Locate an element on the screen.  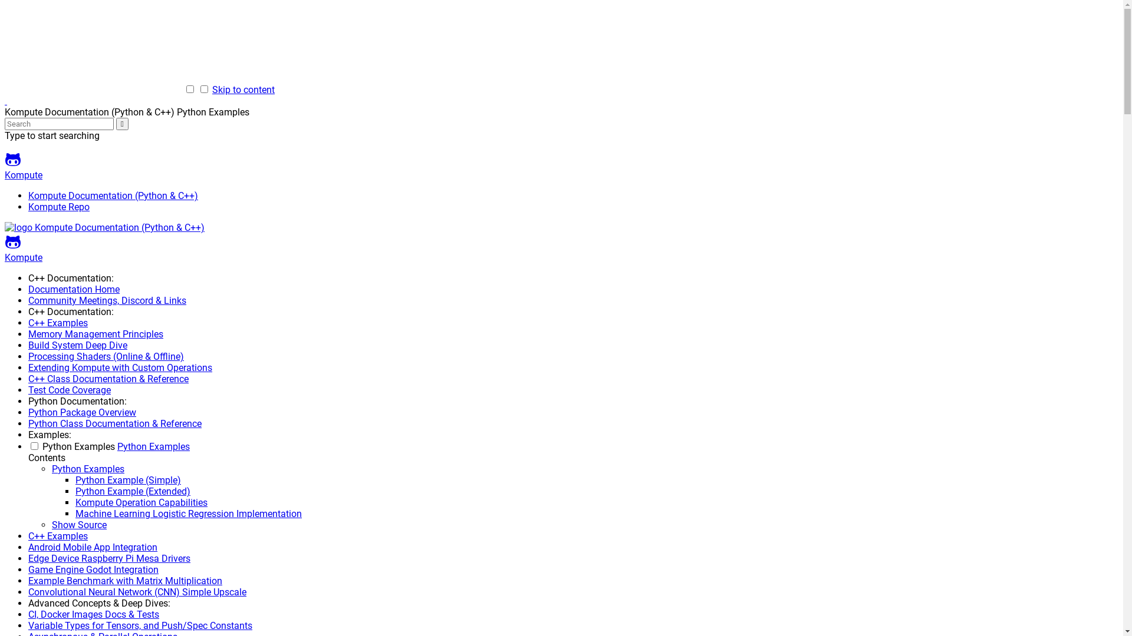
'Documentation Home' is located at coordinates (73, 289).